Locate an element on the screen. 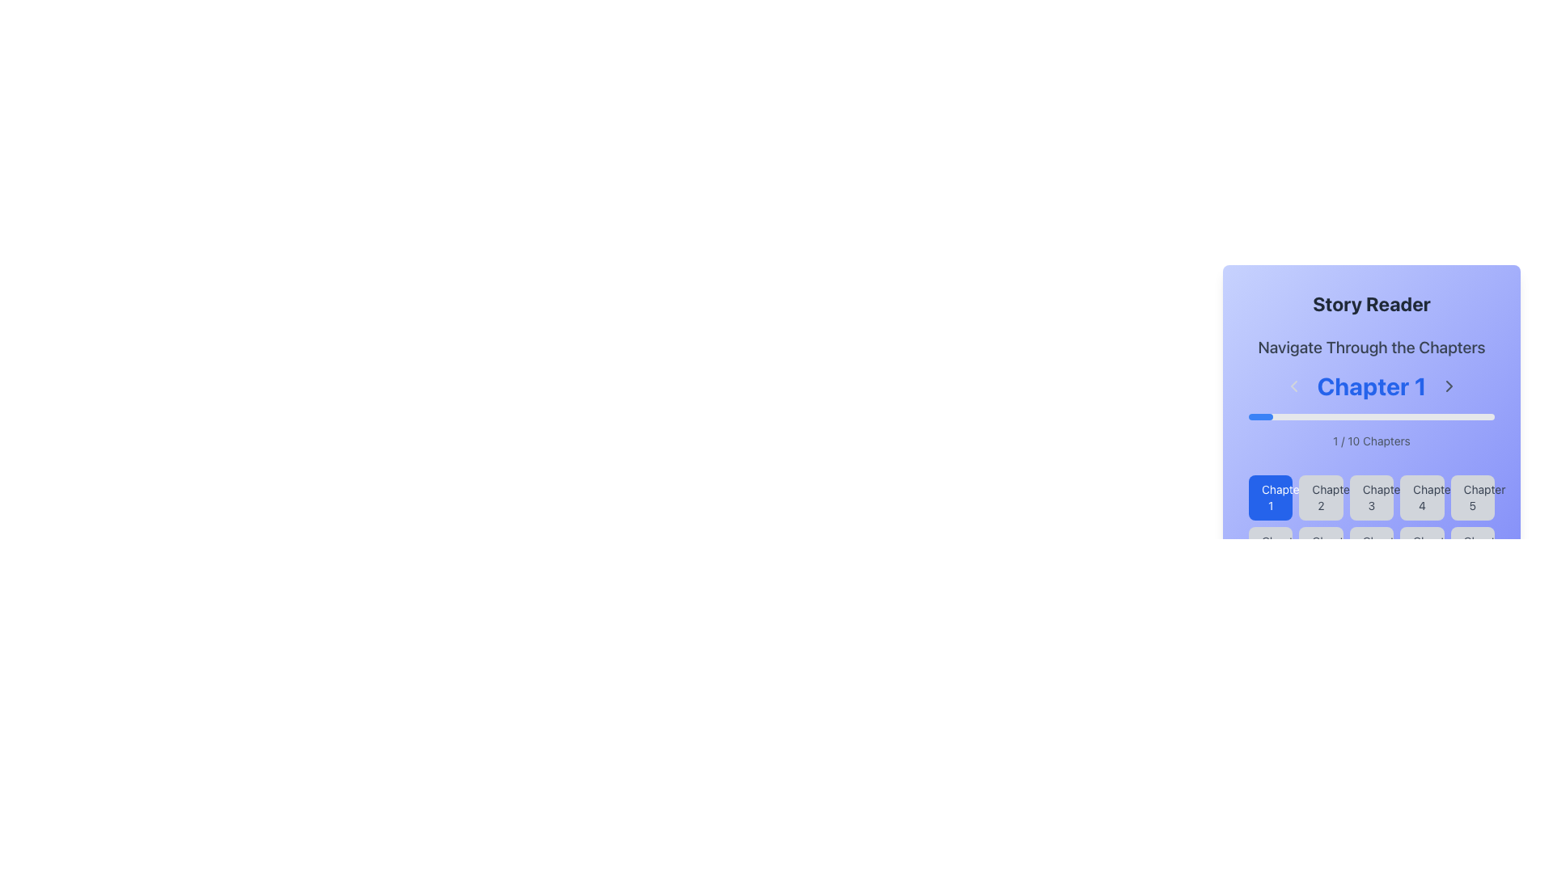  the Static Text Element displaying '1 / 10 Chapters', located below the blue progress bar in the 'Navigate Through the Chapters' section is located at coordinates (1370, 441).